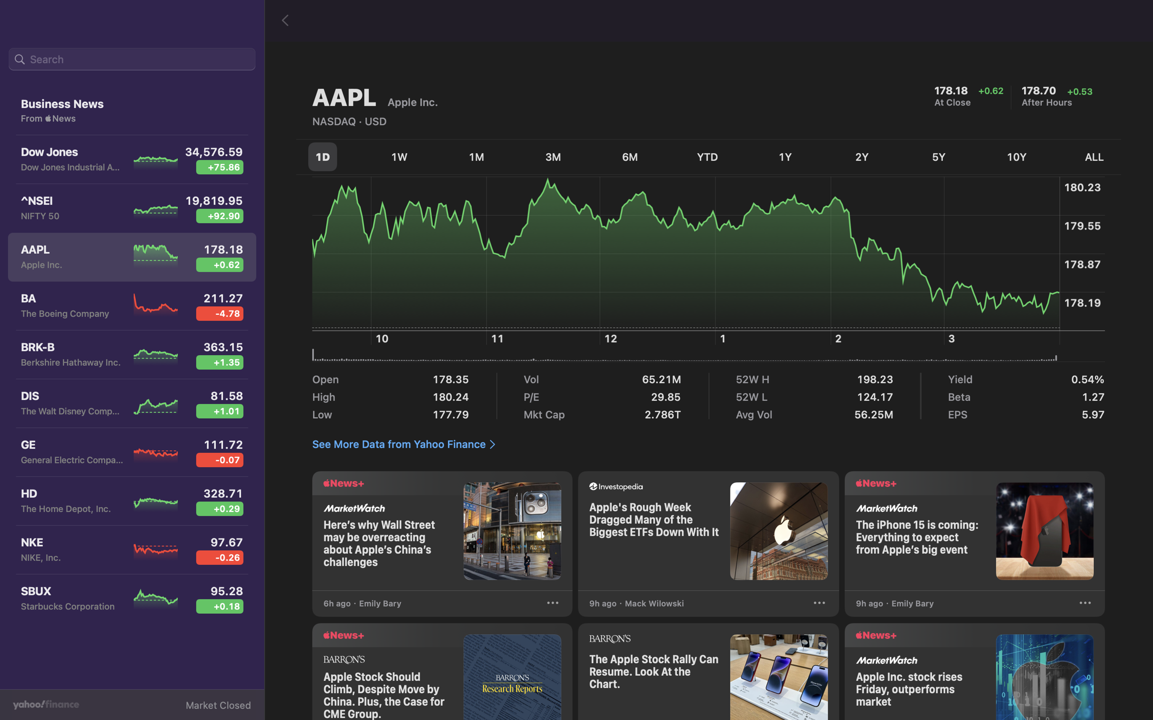 This screenshot has height=720, width=1153. I want to click on Check the stock change for the past 6 months, so click(632, 155).